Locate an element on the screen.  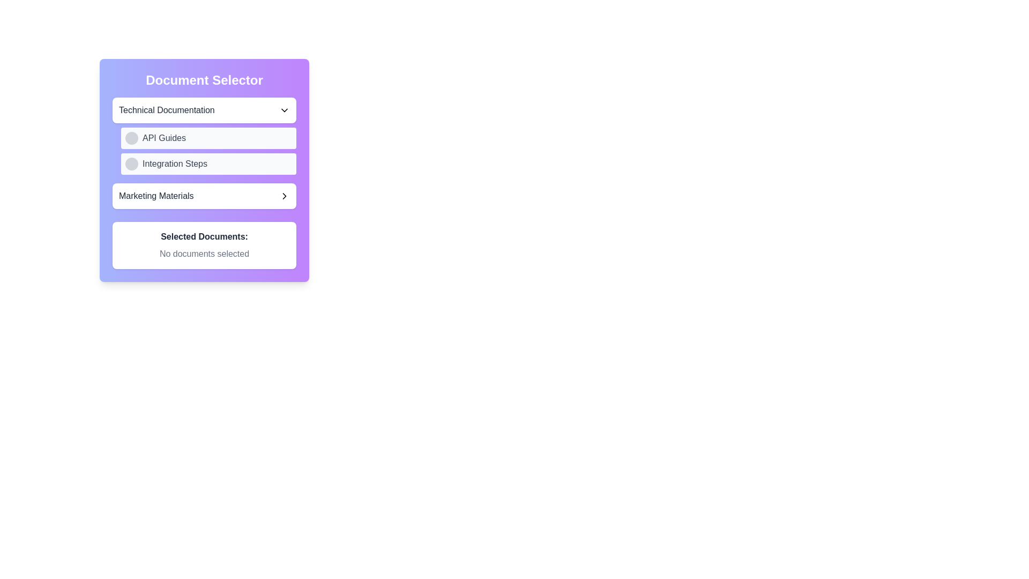
the first selectable item in the 'Document Selector' panel is located at coordinates (208, 151).